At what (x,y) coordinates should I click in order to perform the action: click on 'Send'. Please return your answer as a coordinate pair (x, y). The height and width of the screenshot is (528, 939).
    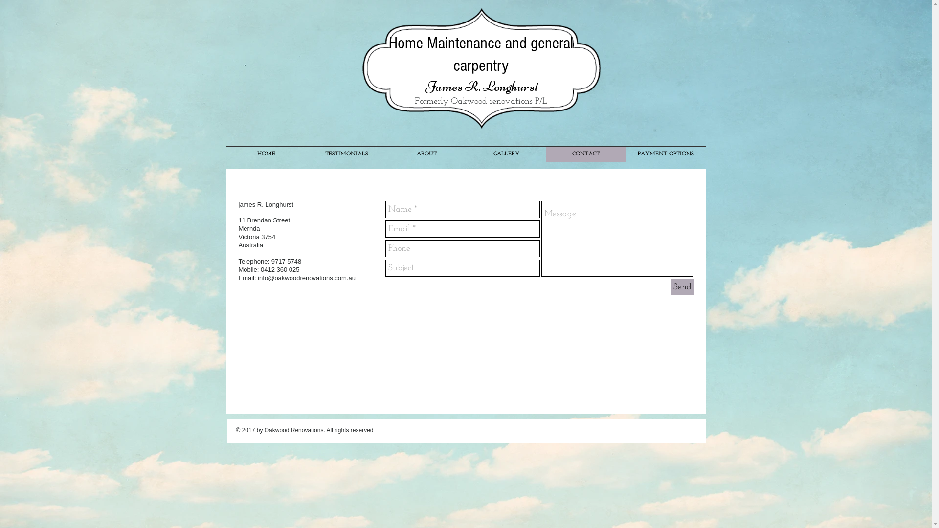
    Looking at the image, I should click on (682, 286).